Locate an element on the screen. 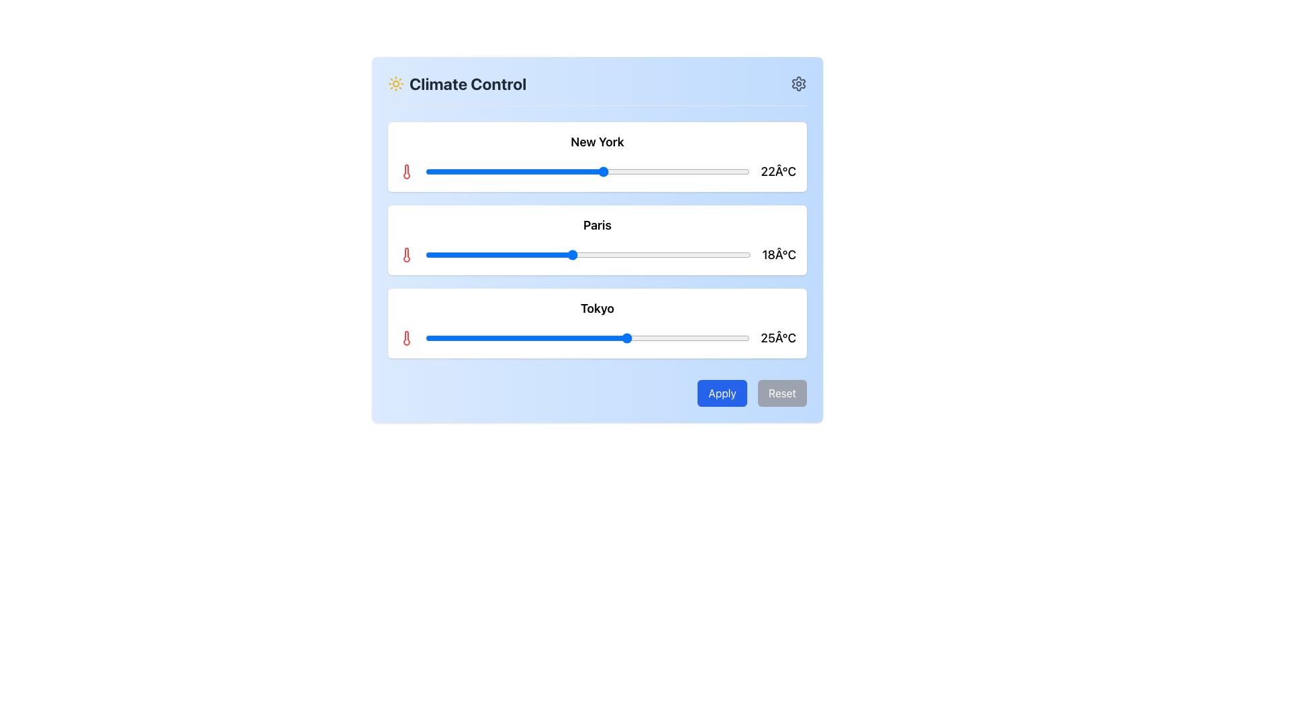  the text label displaying '18Â°C' which is styled with larger and bold typography, located at the rightmost edge of the second row within the 'Climate Control' panel is located at coordinates (779, 255).